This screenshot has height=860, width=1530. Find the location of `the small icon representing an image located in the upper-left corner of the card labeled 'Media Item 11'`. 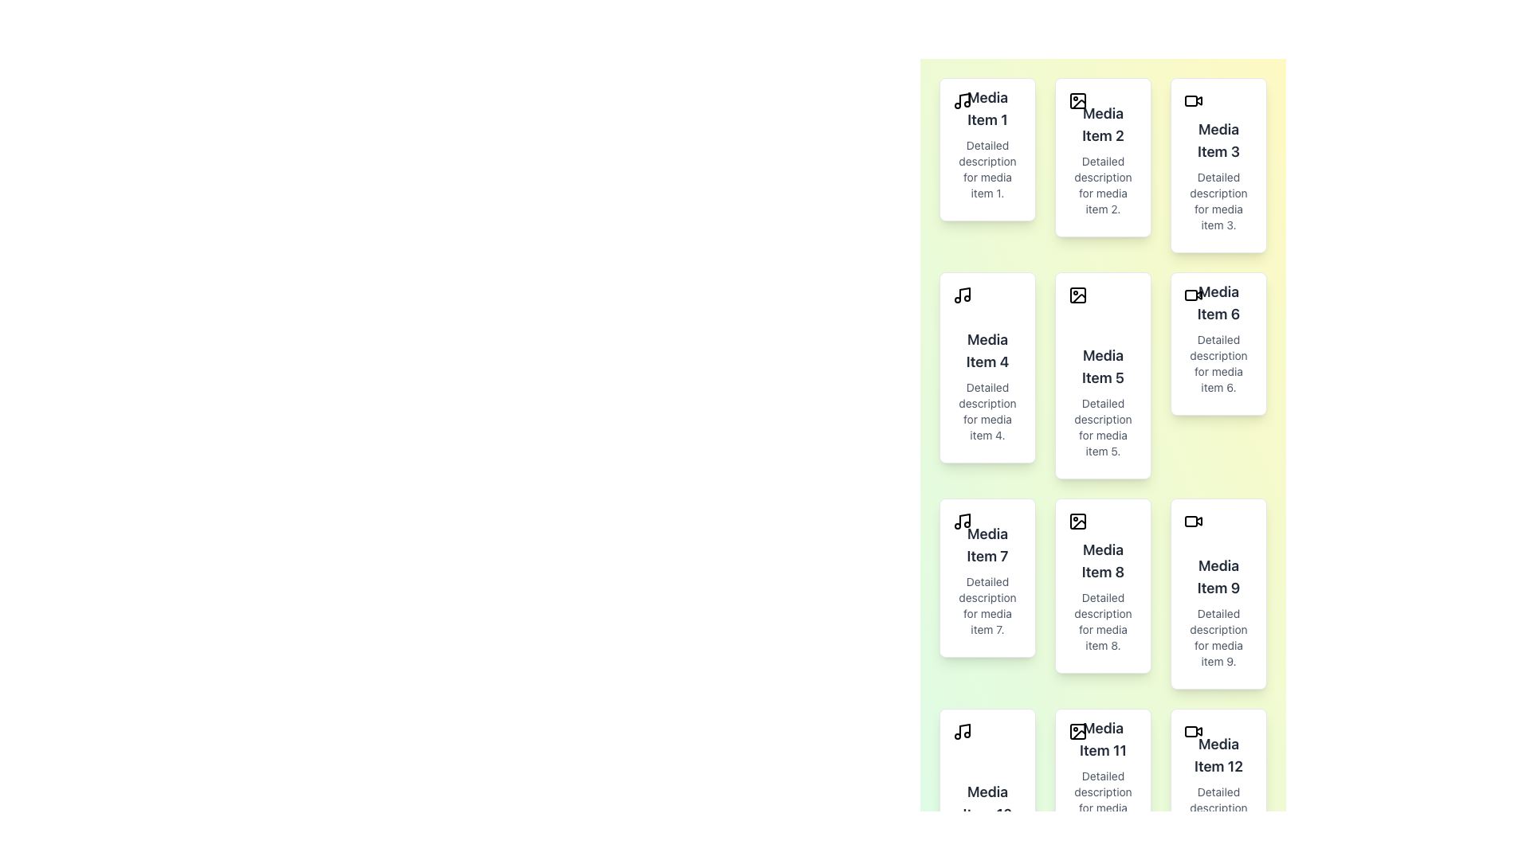

the small icon representing an image located in the upper-left corner of the card labeled 'Media Item 11' is located at coordinates (1078, 731).